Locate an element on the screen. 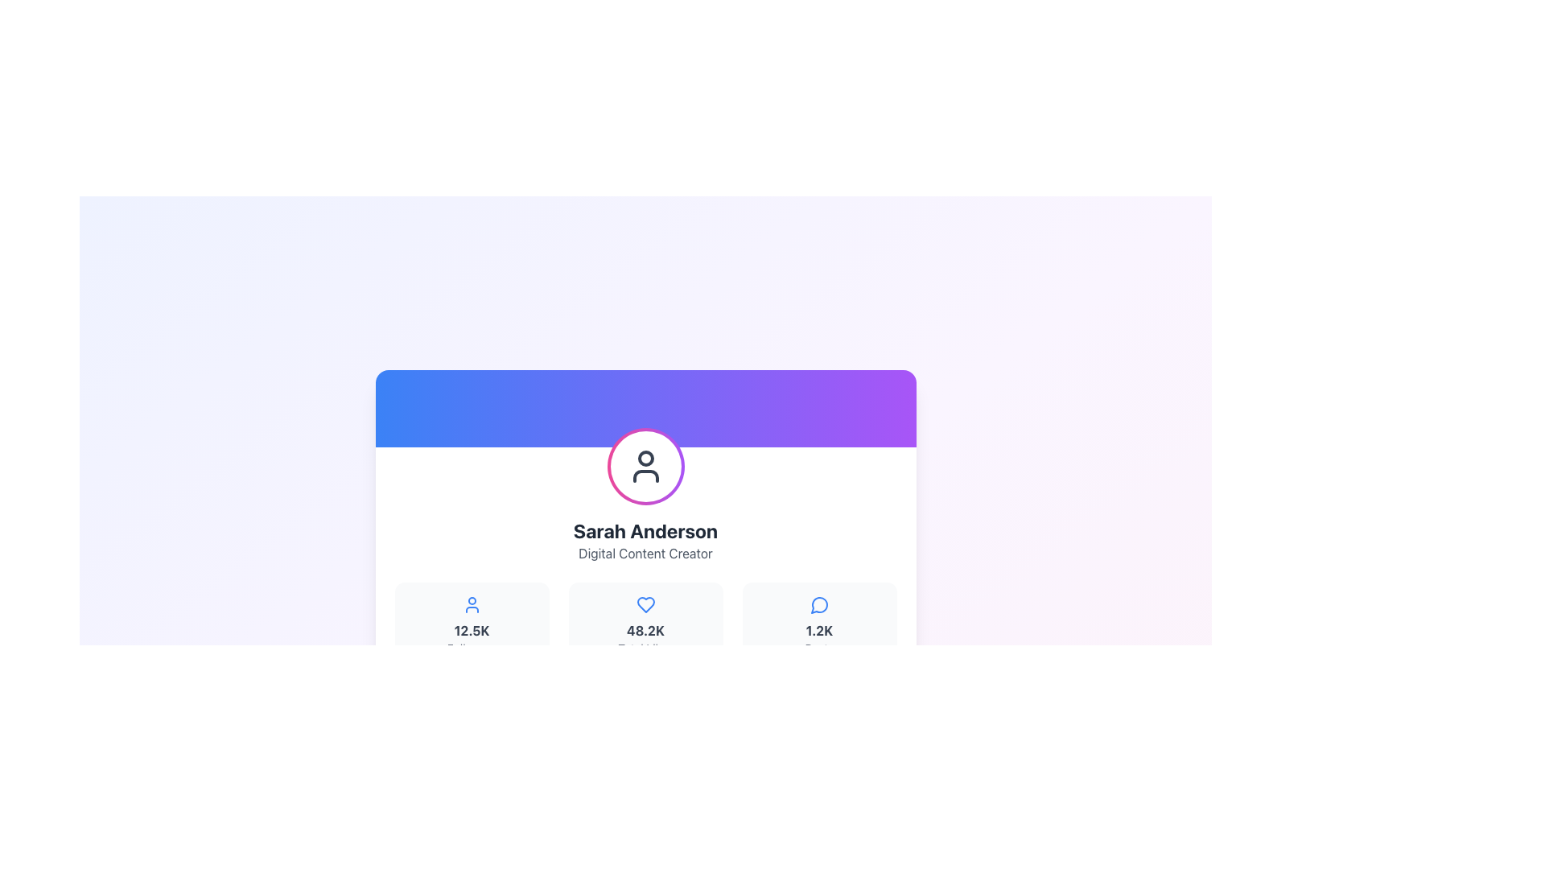  the compact blue SVG icon resembling a stylized human figure, located above the text '12.5K' within the top section of a white rectangular card, as it is the leftmost icon in a group of three statistics icons is located at coordinates (471, 605).